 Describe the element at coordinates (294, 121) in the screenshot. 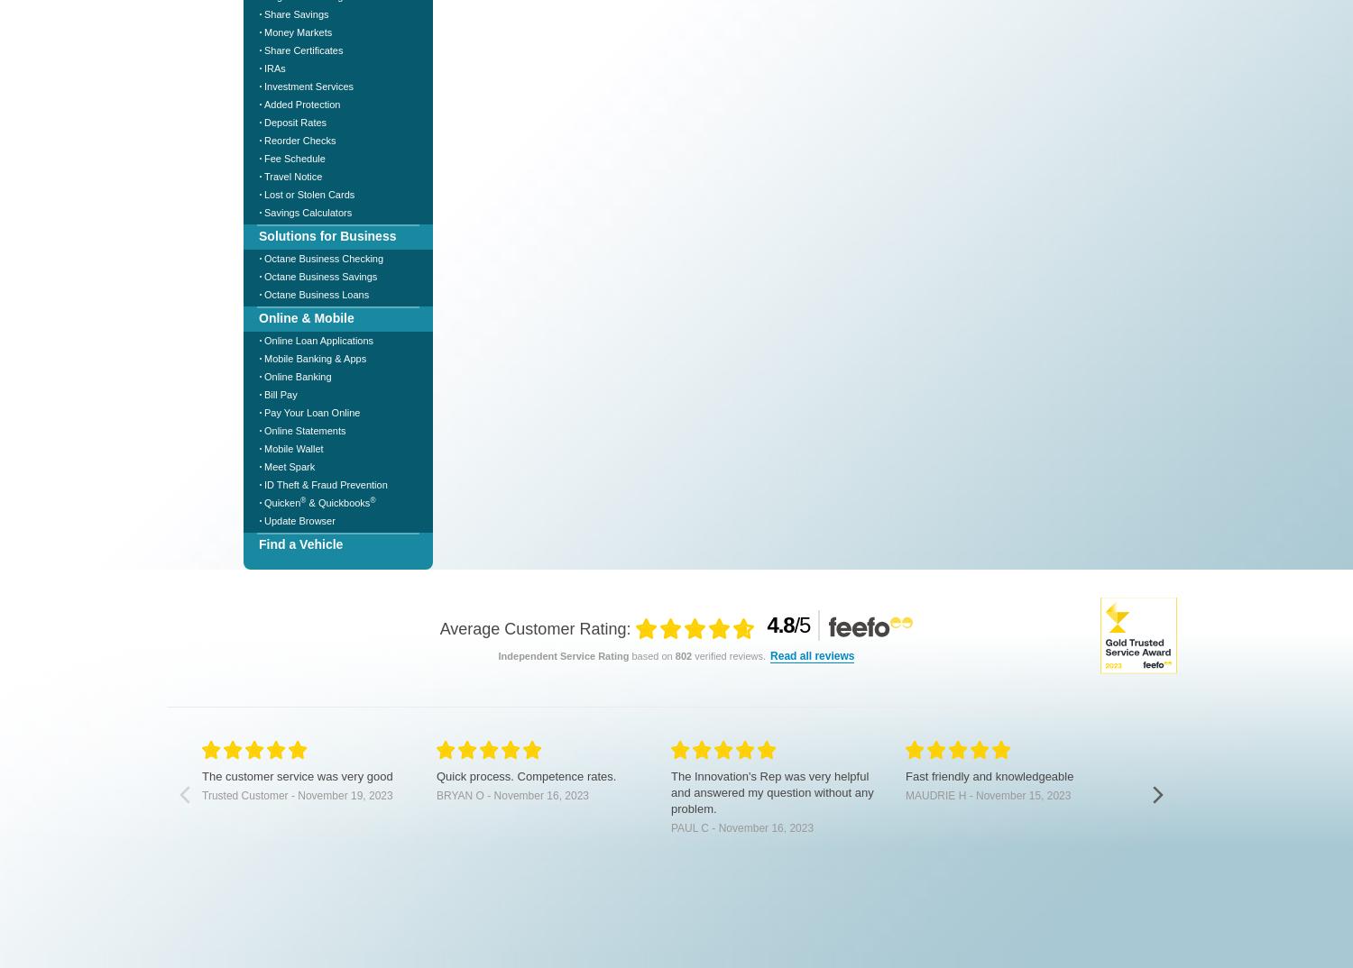

I see `'Deposit Rates'` at that location.